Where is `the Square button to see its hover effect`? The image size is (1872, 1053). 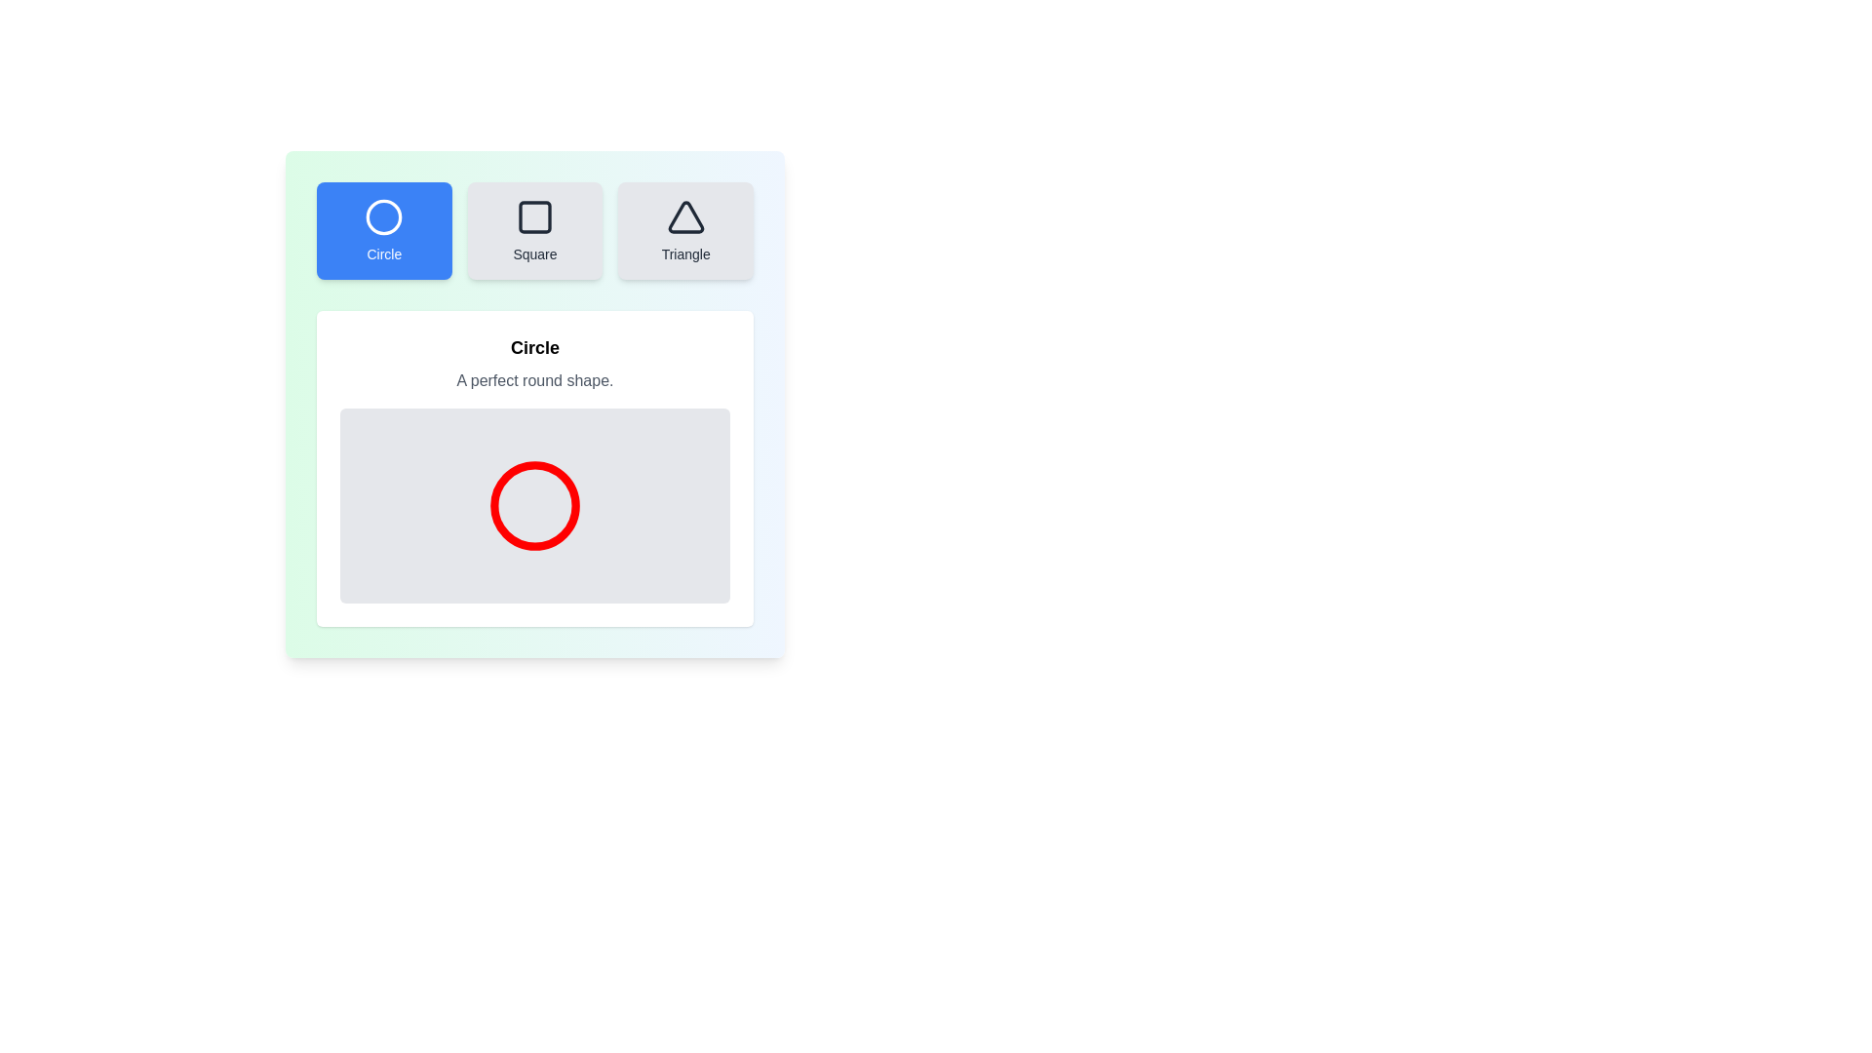
the Square button to see its hover effect is located at coordinates (534, 229).